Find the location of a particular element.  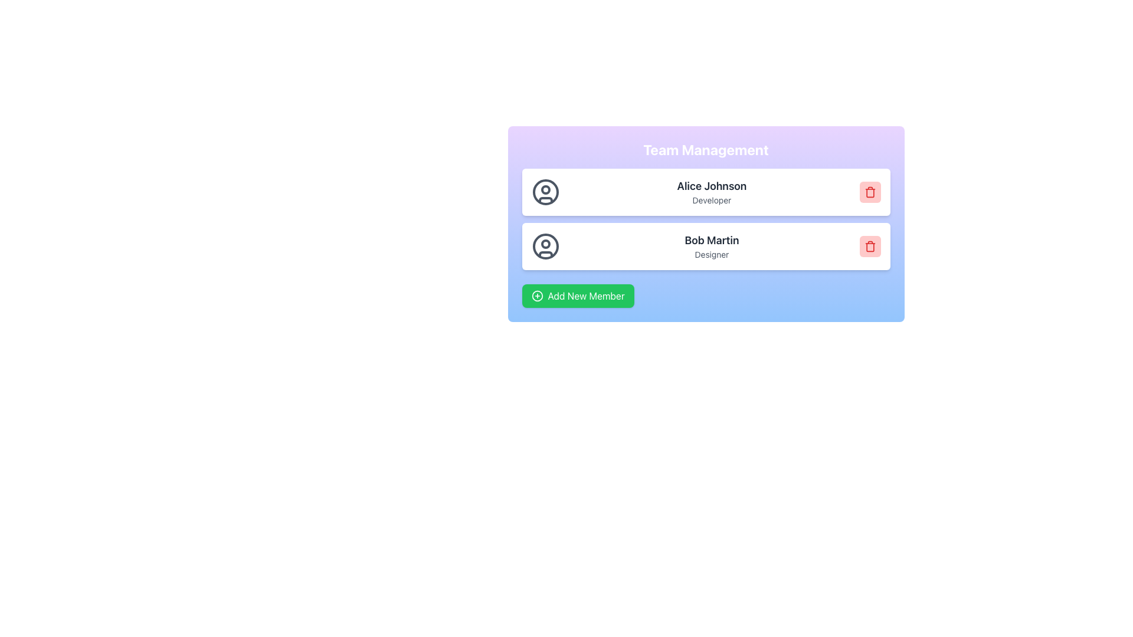

the name 'Bob Martin' in the Profile card is located at coordinates (706, 245).